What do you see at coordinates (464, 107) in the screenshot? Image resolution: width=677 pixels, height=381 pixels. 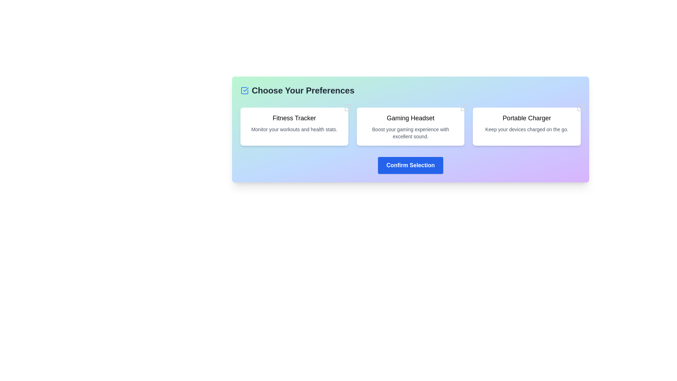 I see `the color change of the SVG Icon in the upper-right corner of the 'Gaming Headset' card when the associated checkbox is selected` at bounding box center [464, 107].